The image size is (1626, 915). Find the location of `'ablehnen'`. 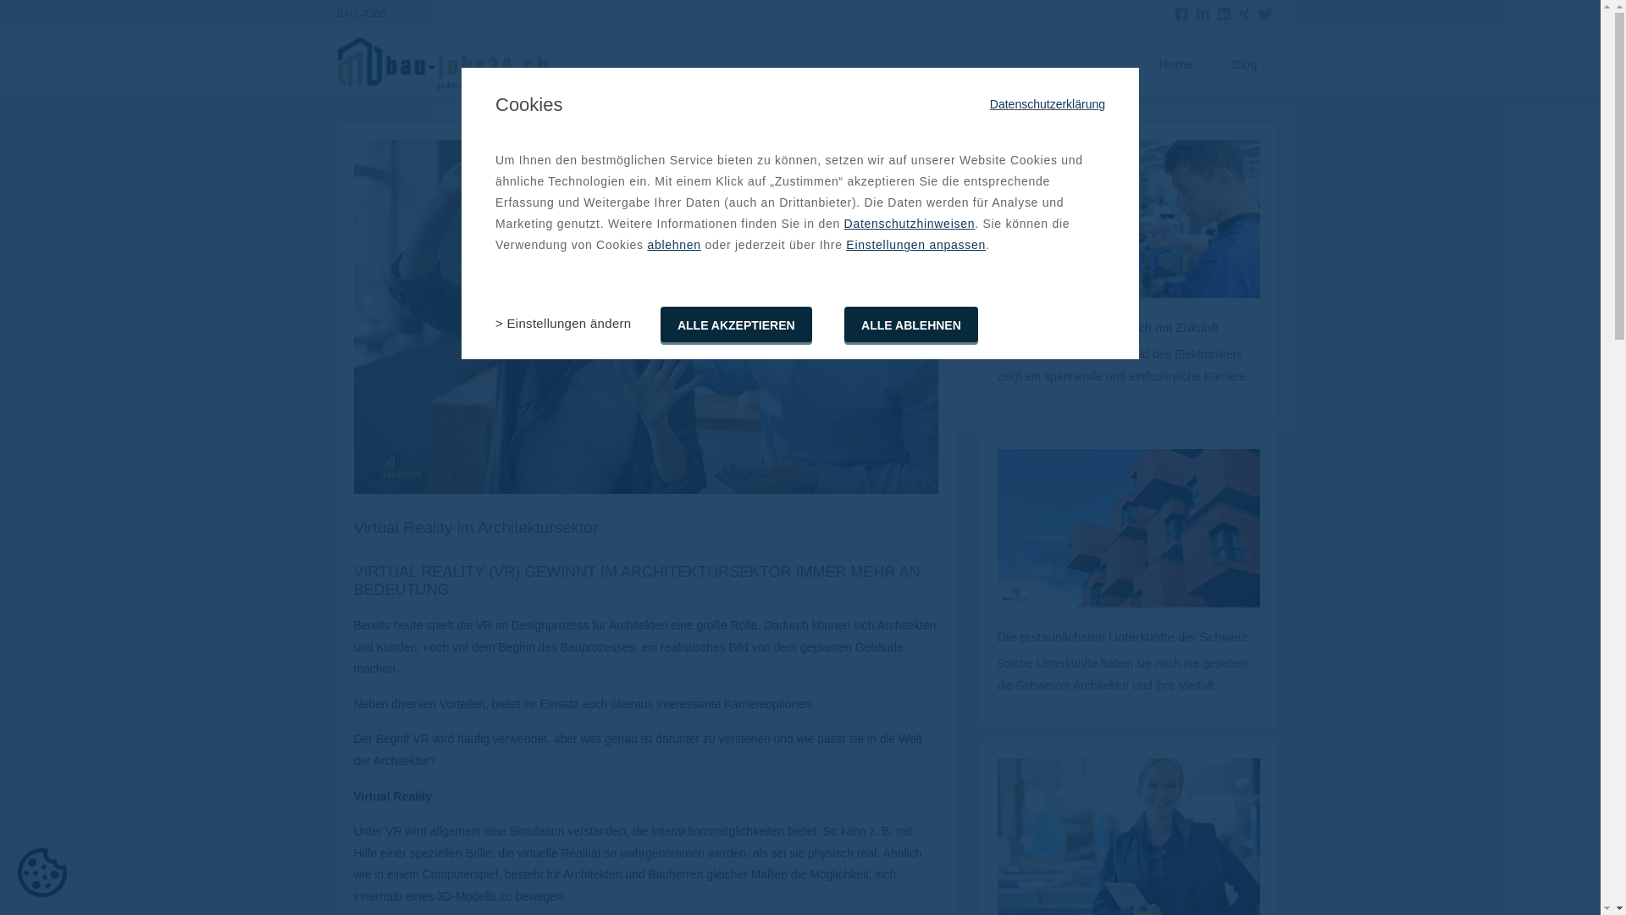

'ablehnen' is located at coordinates (672, 245).